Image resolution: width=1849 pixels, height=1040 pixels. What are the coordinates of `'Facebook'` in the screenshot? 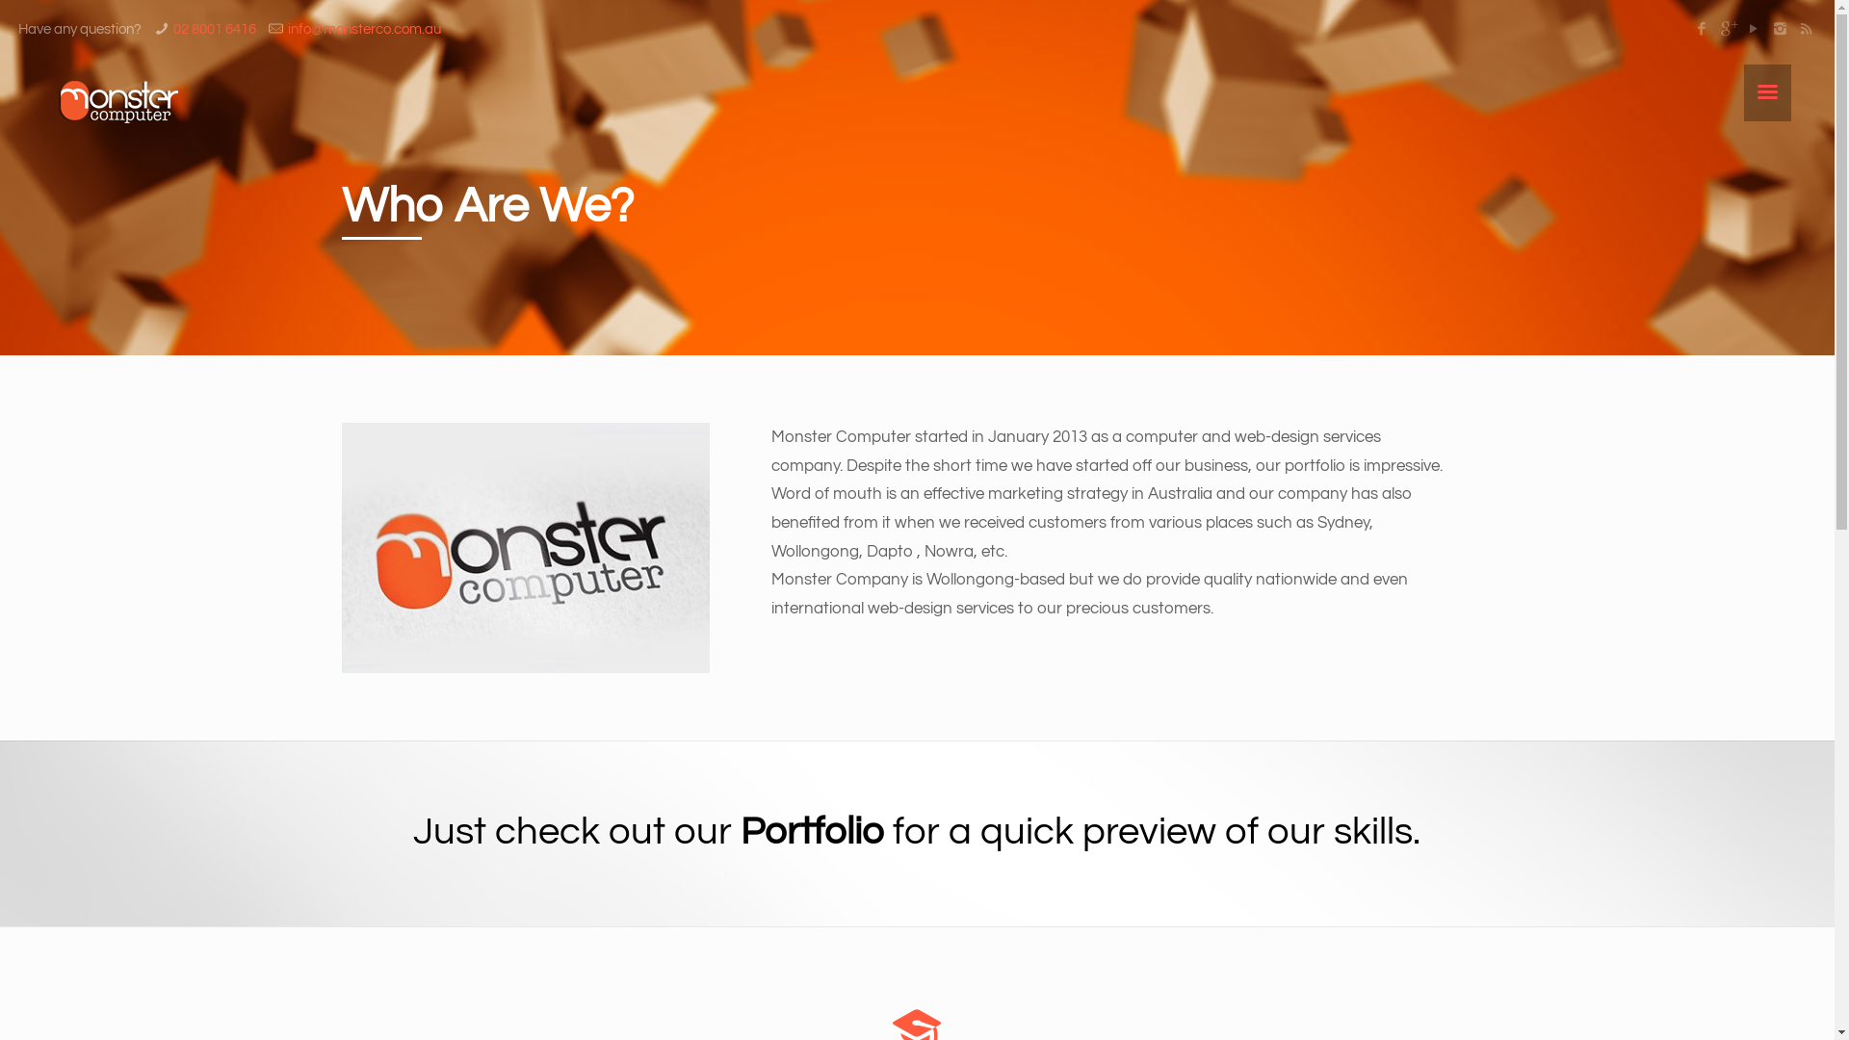 It's located at (1702, 29).